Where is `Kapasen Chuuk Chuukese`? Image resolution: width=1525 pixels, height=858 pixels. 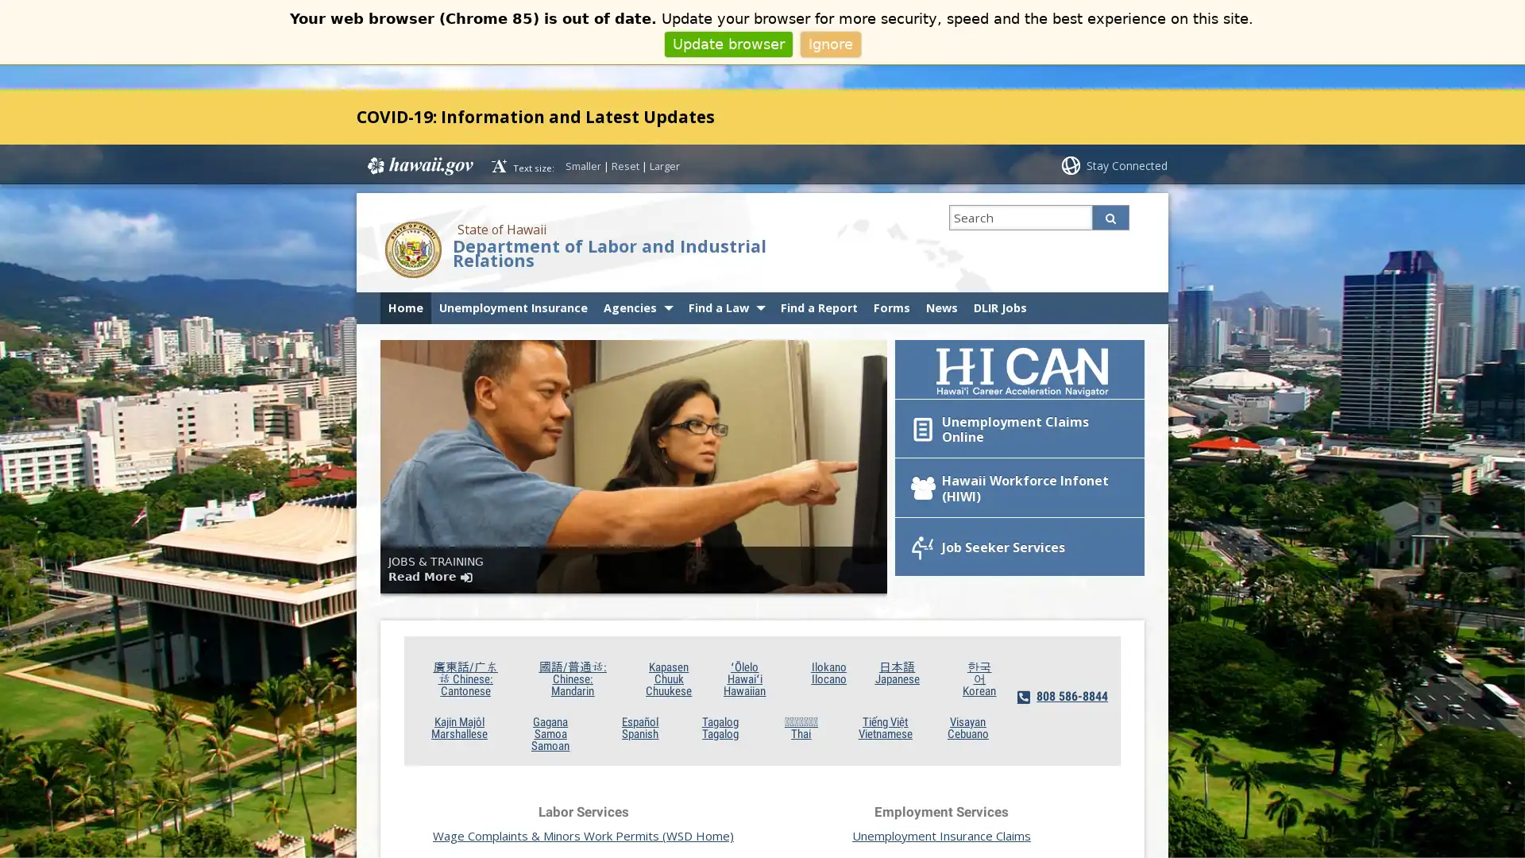
Kapasen Chuuk Chuukese is located at coordinates (668, 685).